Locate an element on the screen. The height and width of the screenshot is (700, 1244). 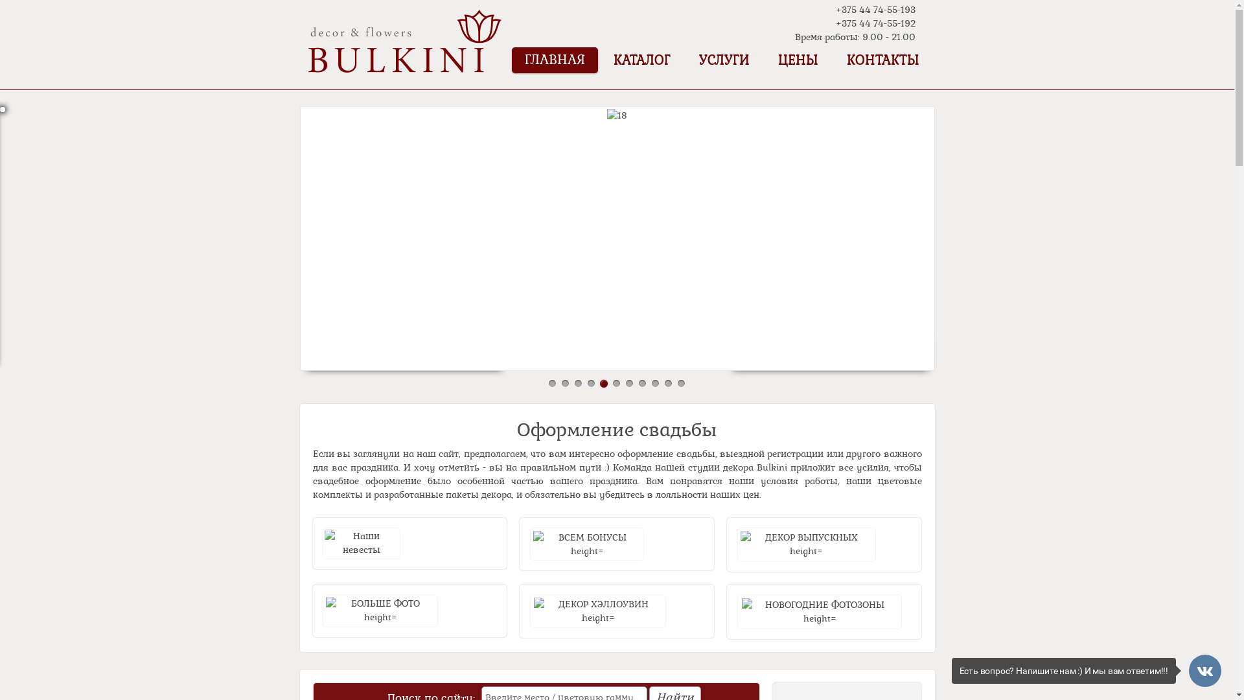
'+375 44 74-55-193' is located at coordinates (875, 10).